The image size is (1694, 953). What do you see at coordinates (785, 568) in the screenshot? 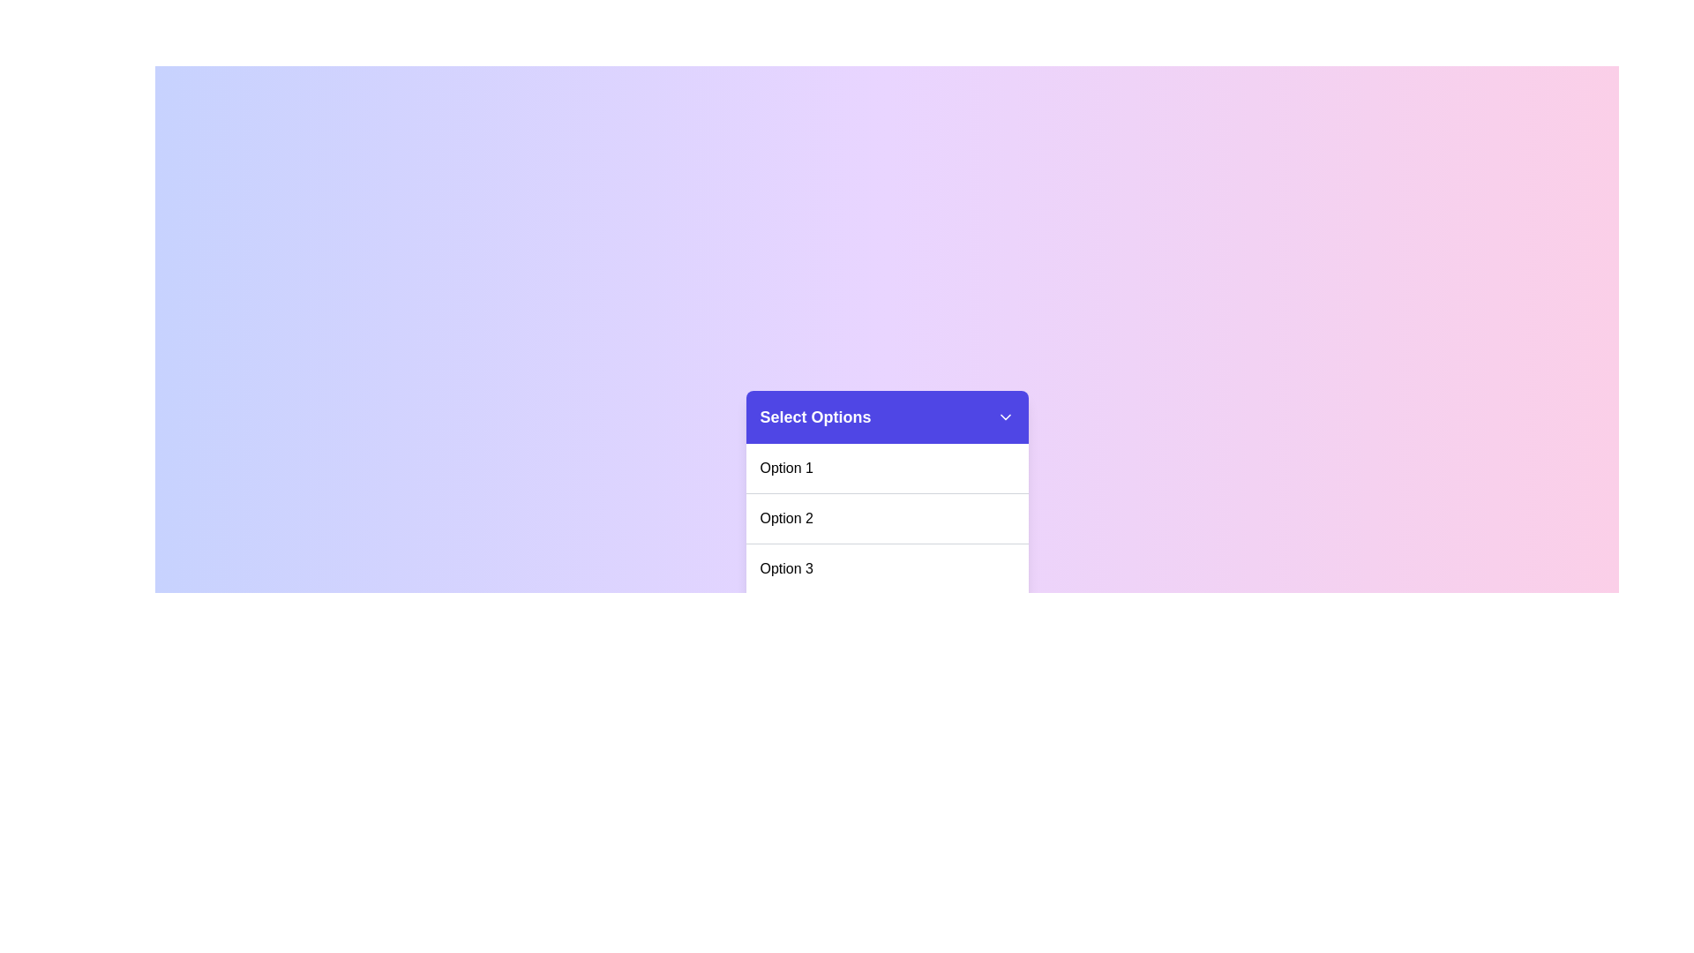
I see `the selectable text option labeled 'Option 3' within the dropdown menu` at bounding box center [785, 568].